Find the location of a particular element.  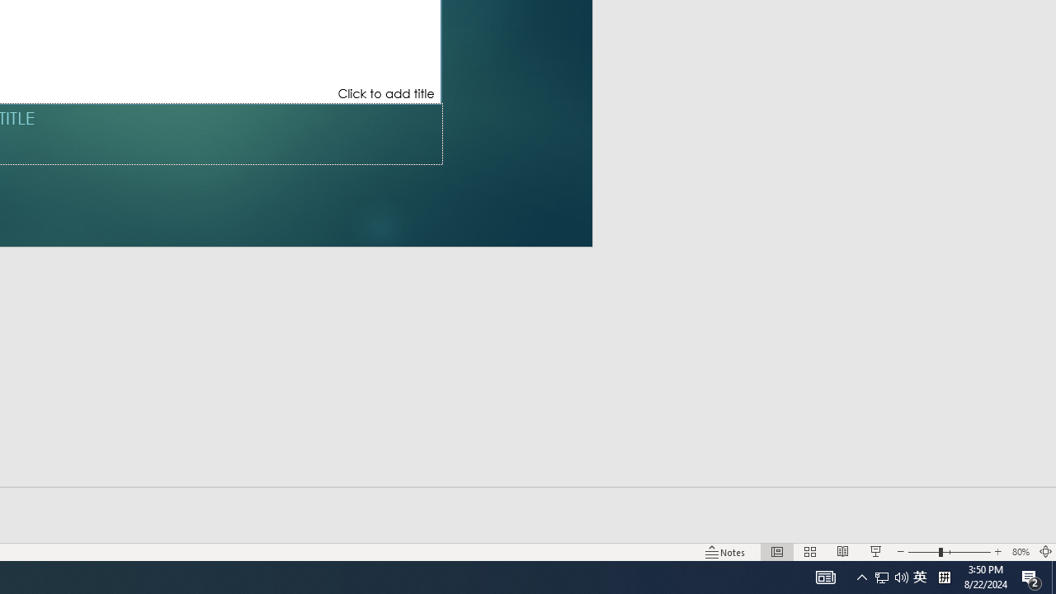

'Zoom 80%' is located at coordinates (1020, 552).